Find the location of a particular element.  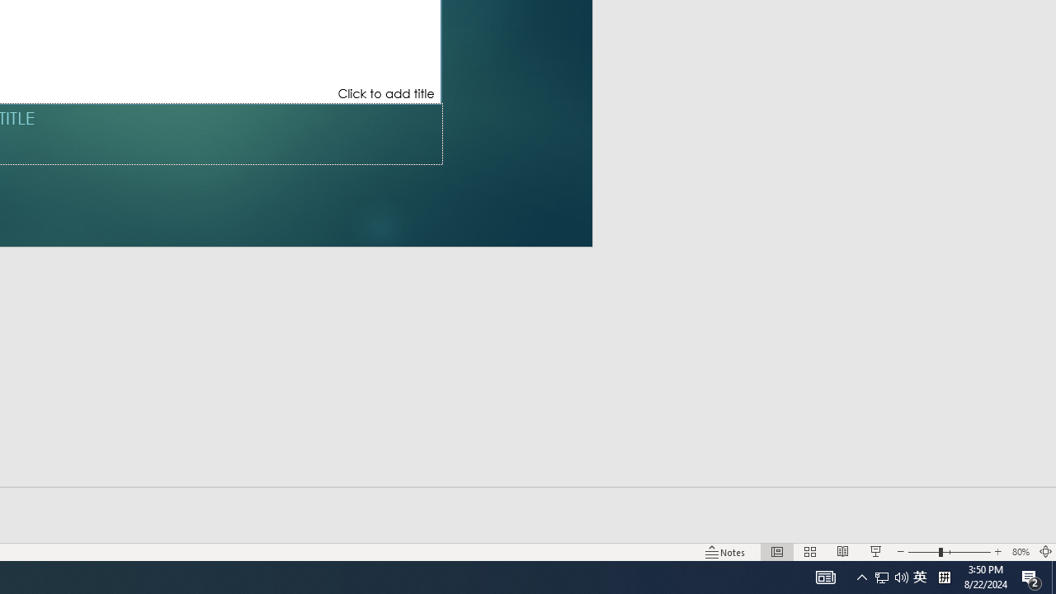

'Zoom 80%' is located at coordinates (1020, 552).